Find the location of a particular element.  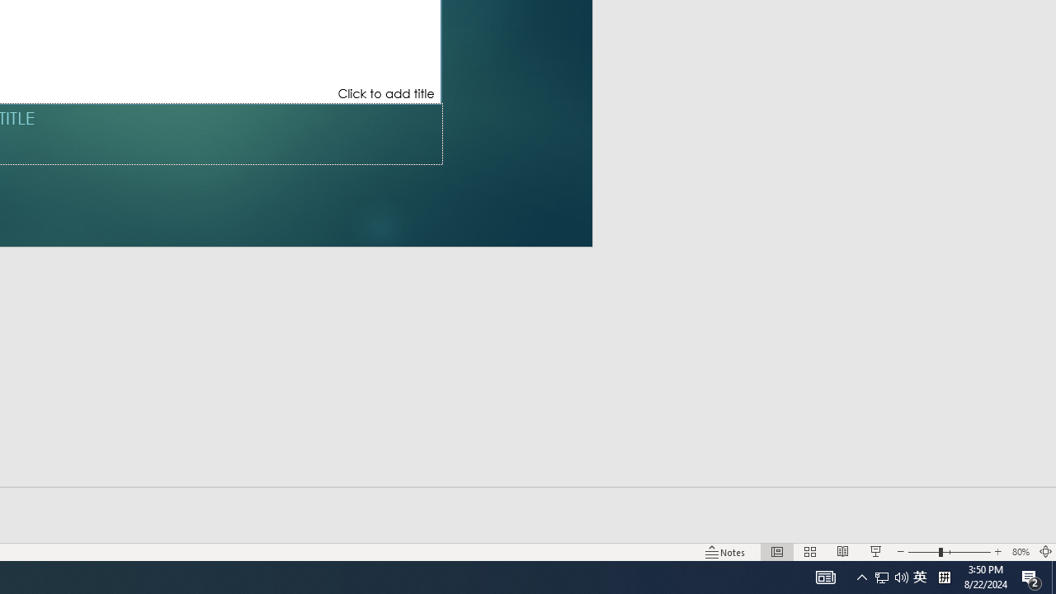

'Zoom 80%' is located at coordinates (1020, 552).